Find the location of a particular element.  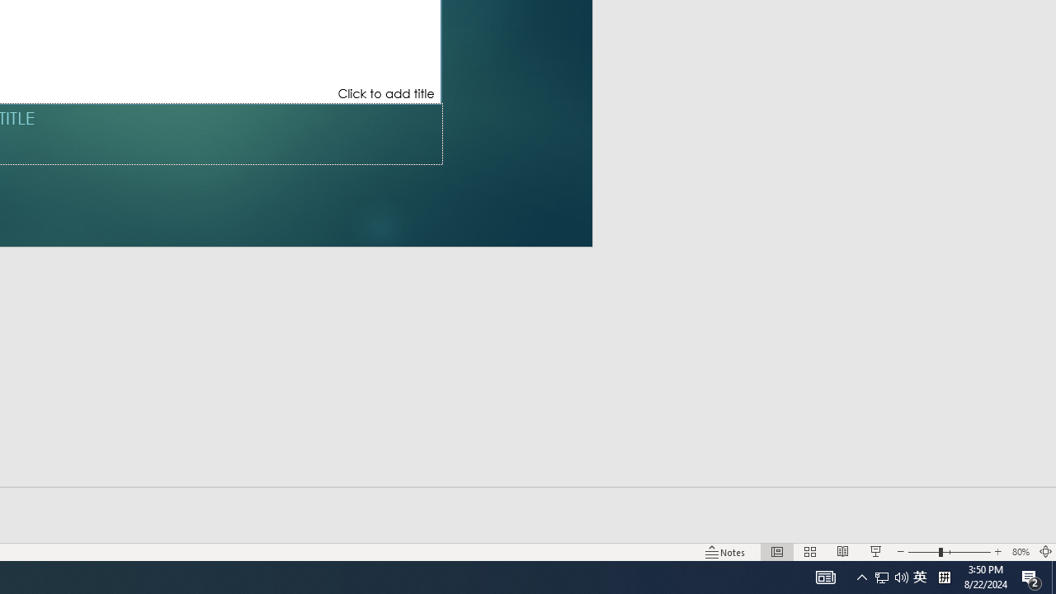

'Zoom 80%' is located at coordinates (1020, 552).